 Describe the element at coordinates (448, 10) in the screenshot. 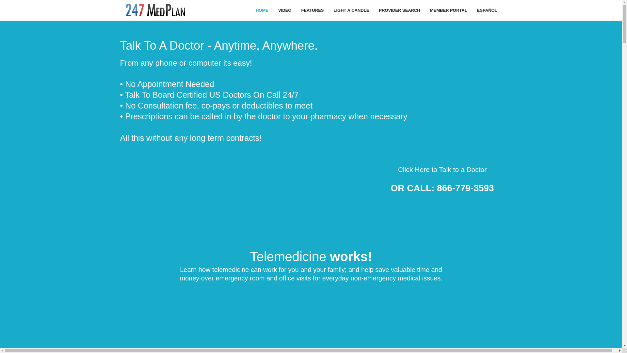

I see `'MEMBER PORTAL'` at that location.